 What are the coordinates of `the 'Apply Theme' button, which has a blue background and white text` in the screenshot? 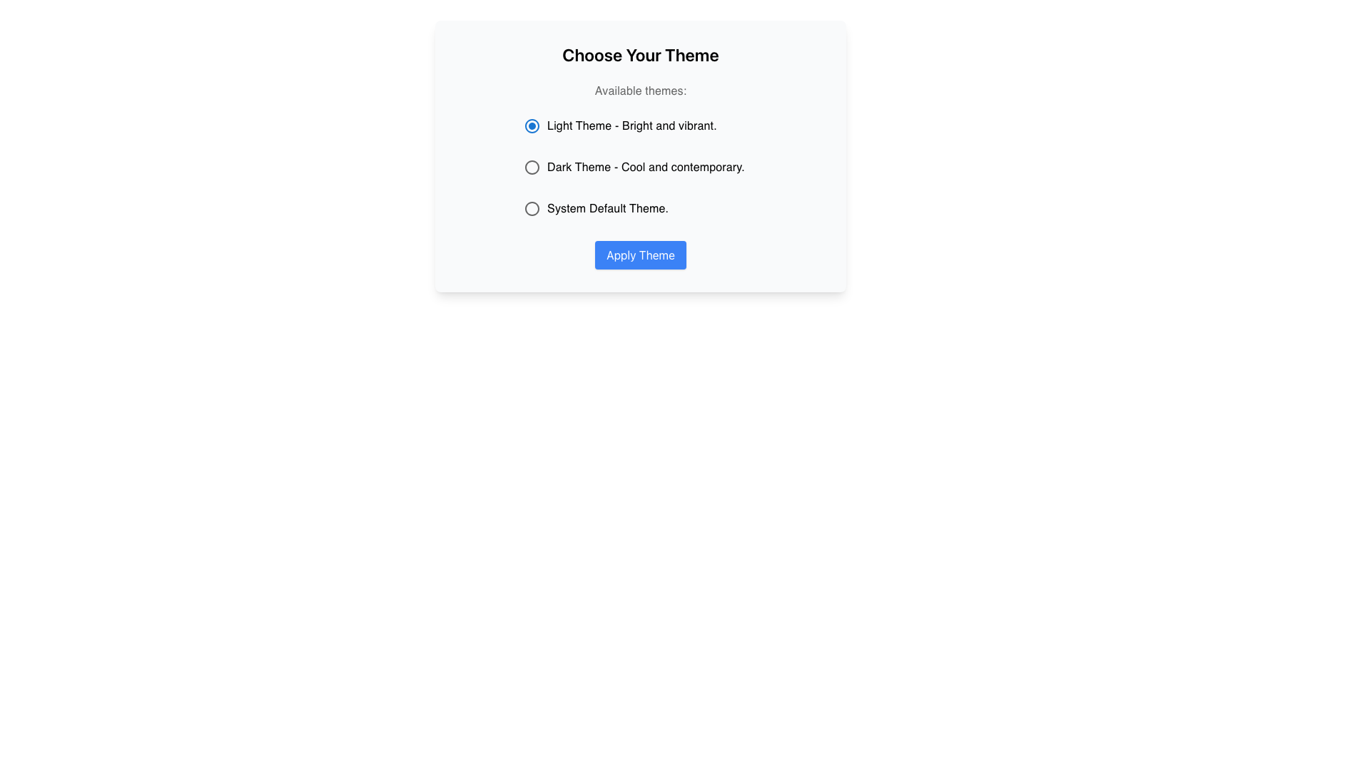 It's located at (639, 255).